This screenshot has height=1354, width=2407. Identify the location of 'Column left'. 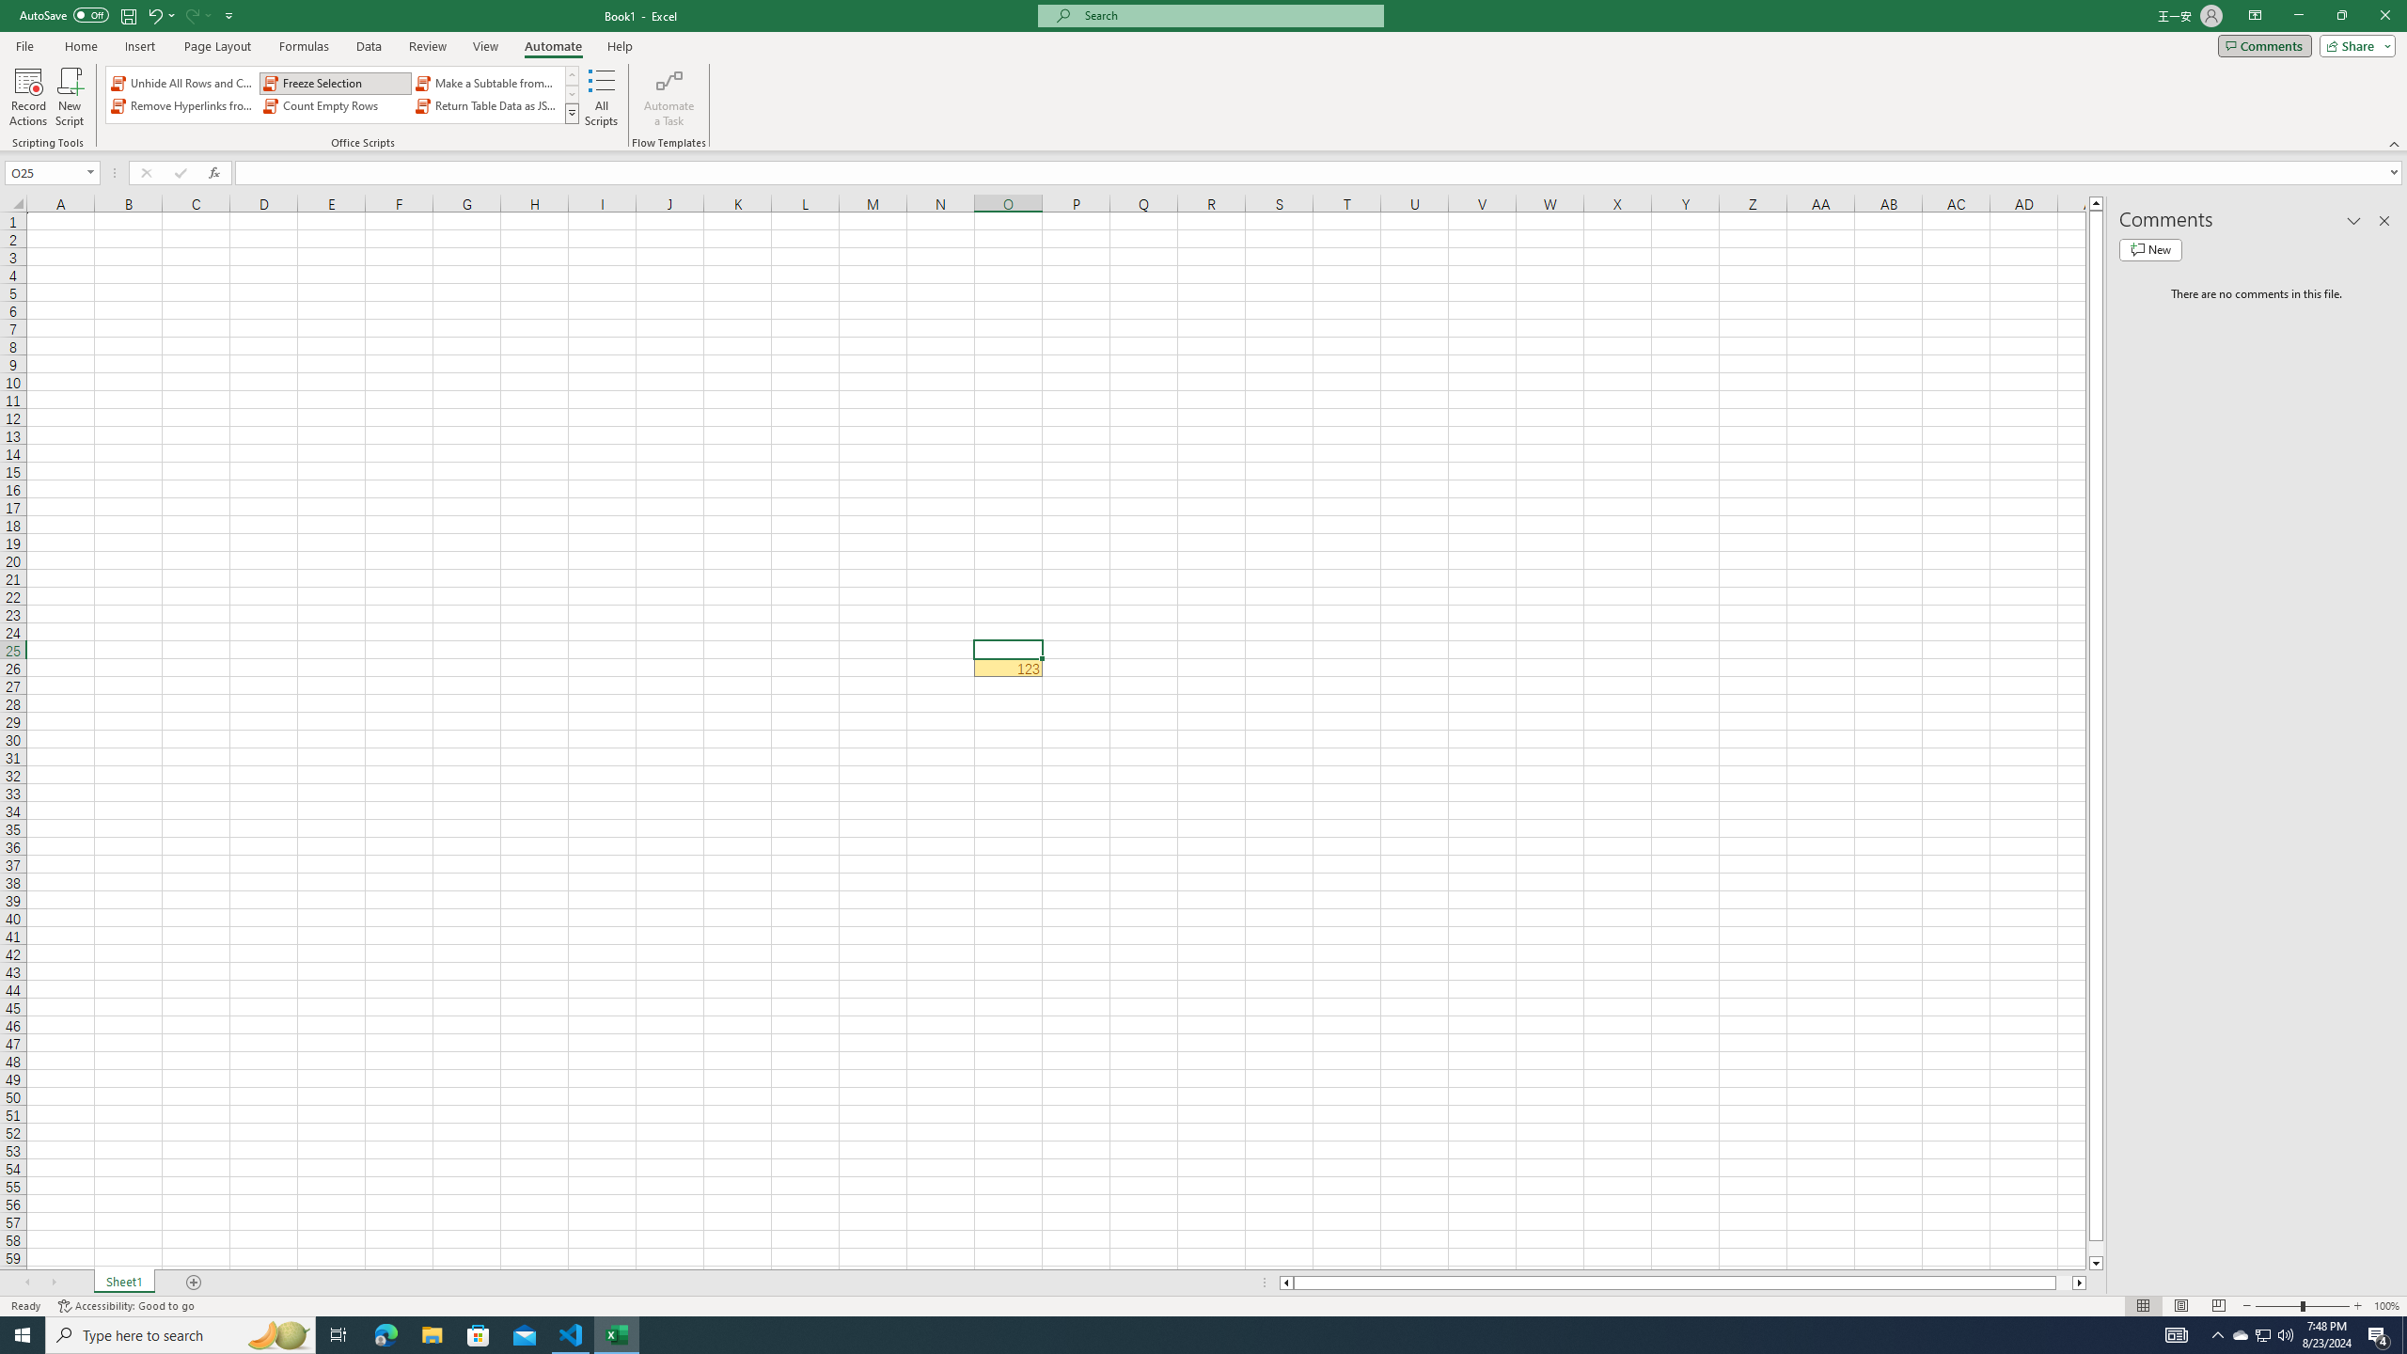
(1285, 1282).